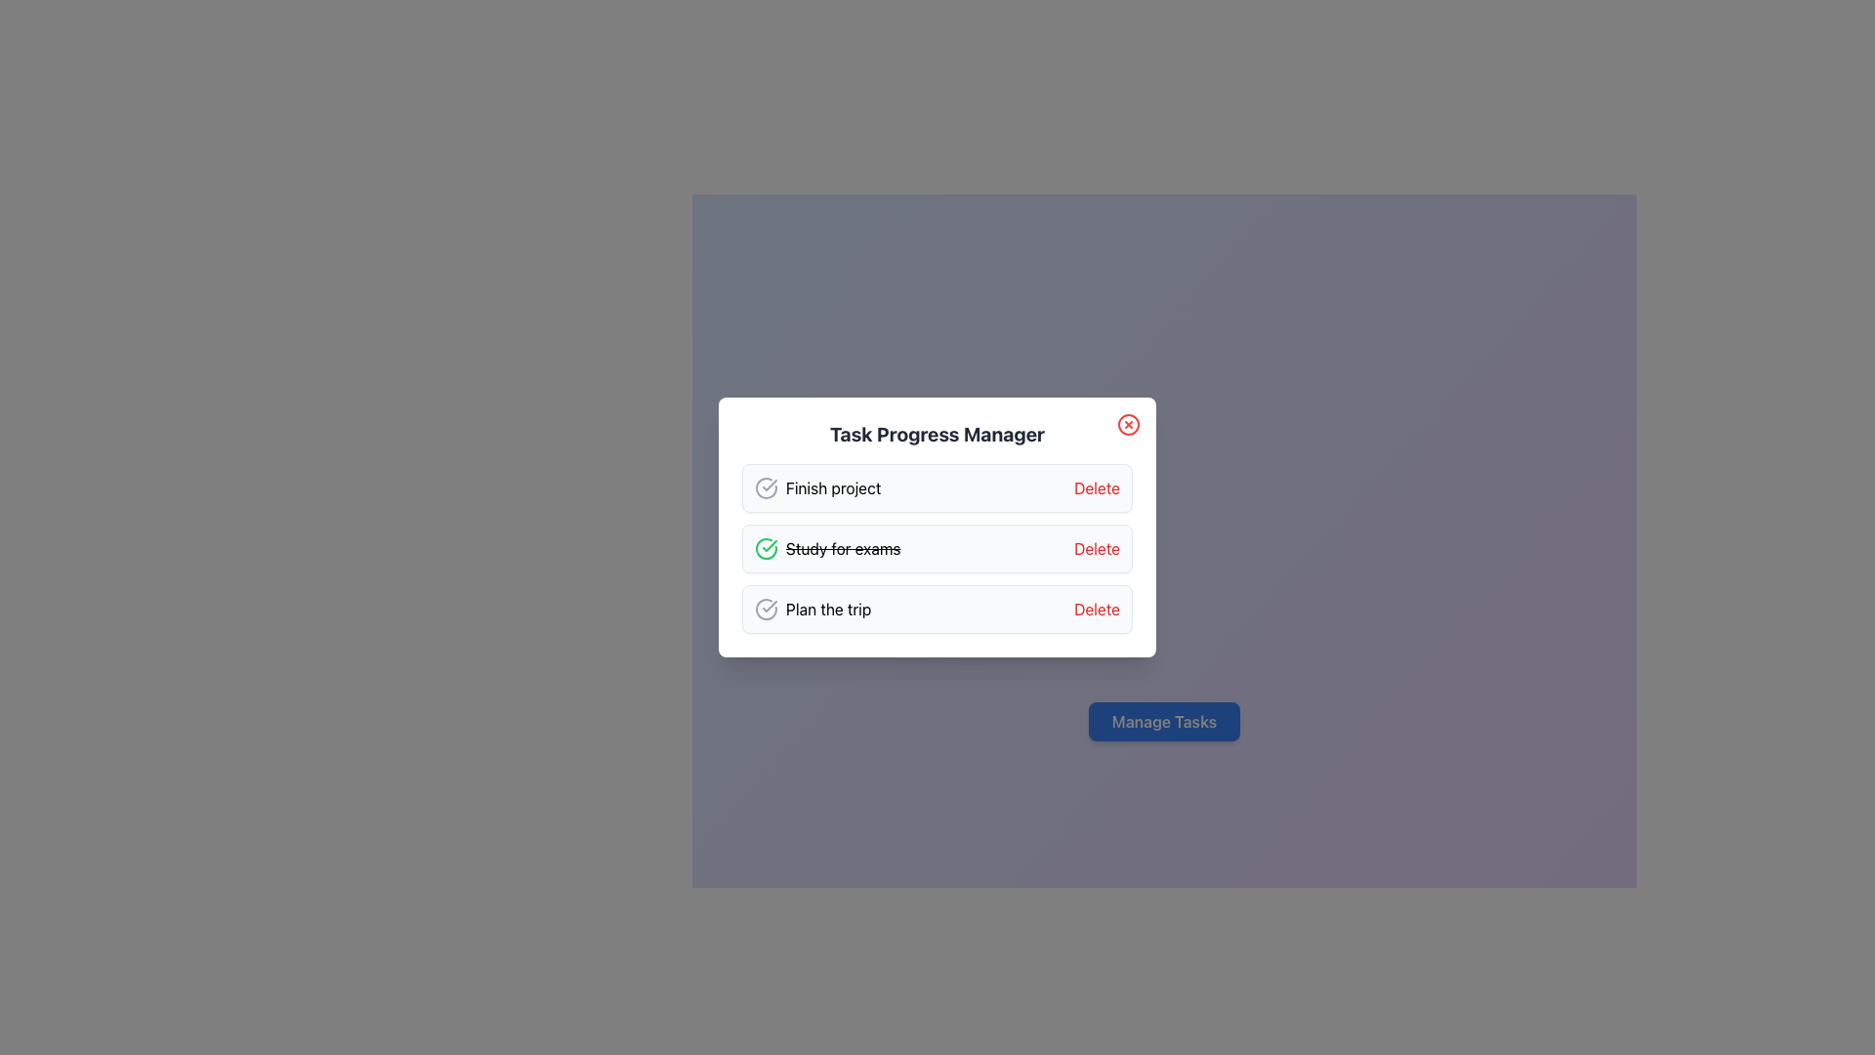  What do you see at coordinates (1129, 424) in the screenshot?
I see `the circular red icon with a white background and a red 'X' symbol in the top-right corner of the 'Task Progress Manager' dialog box` at bounding box center [1129, 424].